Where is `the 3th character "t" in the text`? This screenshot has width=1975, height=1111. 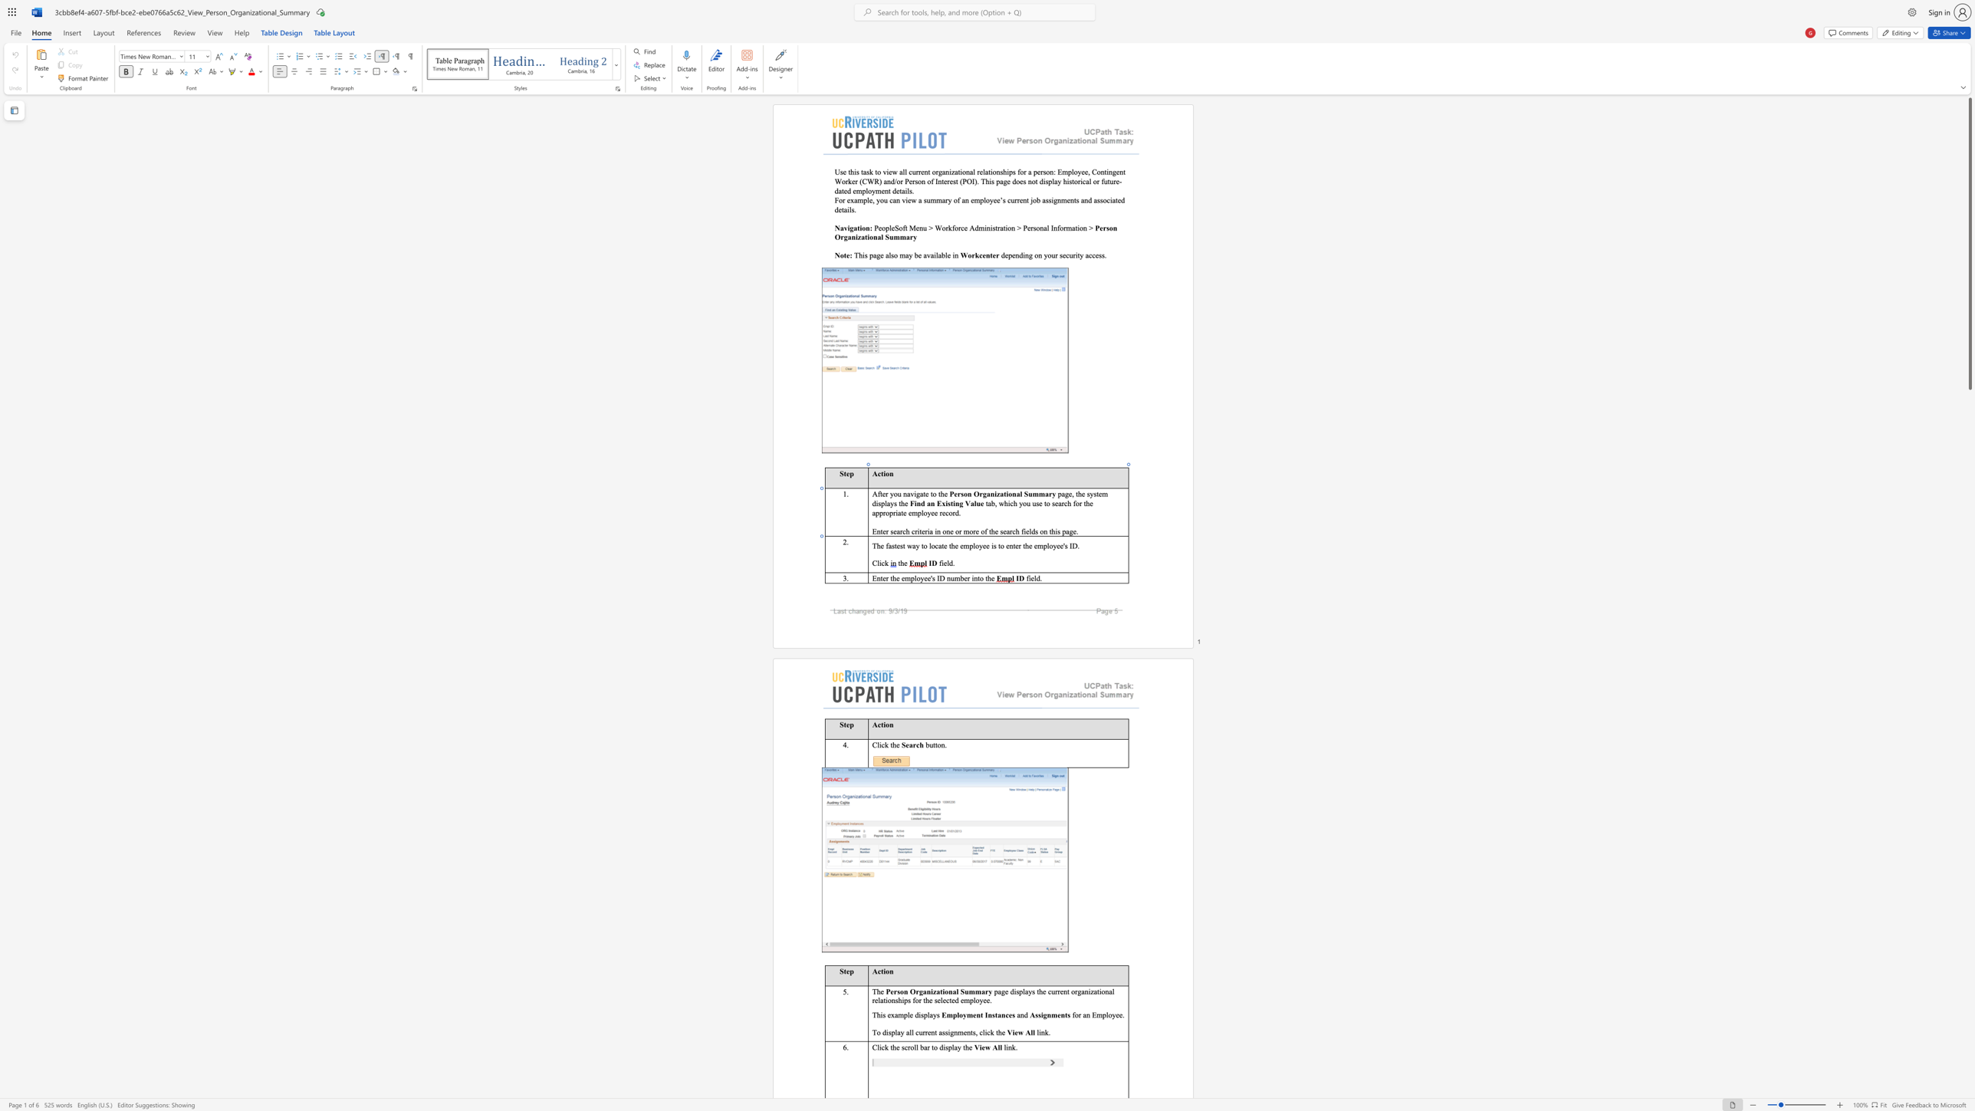 the 3th character "t" in the text is located at coordinates (990, 531).